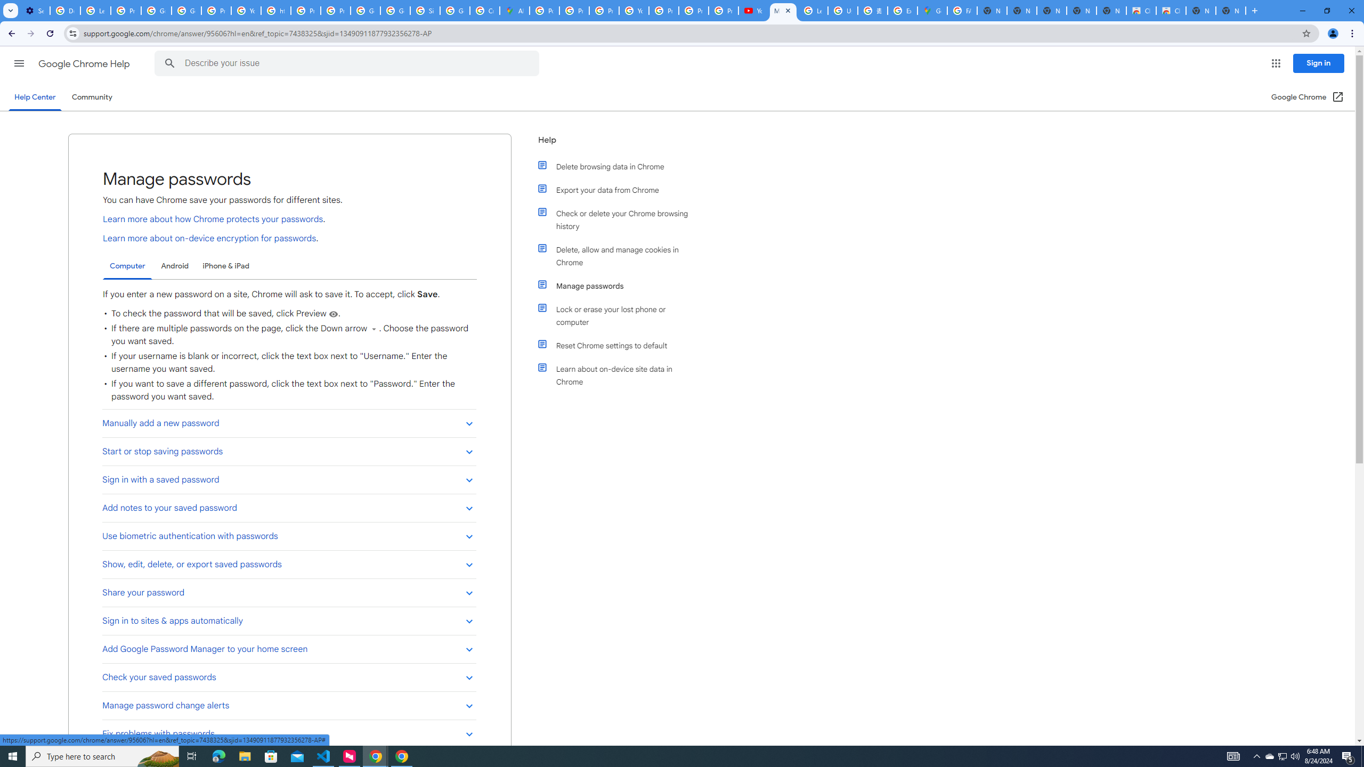 The image size is (1364, 767). What do you see at coordinates (619, 315) in the screenshot?
I see `'Lock or erase your lost phone or computer'` at bounding box center [619, 315].